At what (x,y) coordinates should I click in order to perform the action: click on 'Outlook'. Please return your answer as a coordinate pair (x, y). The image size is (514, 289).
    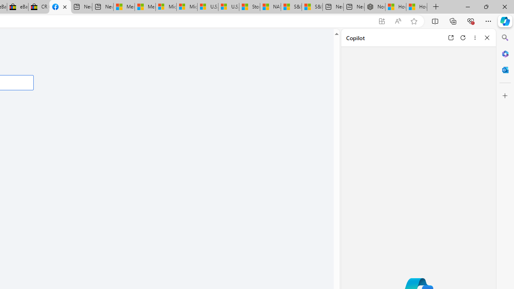
    Looking at the image, I should click on (505, 69).